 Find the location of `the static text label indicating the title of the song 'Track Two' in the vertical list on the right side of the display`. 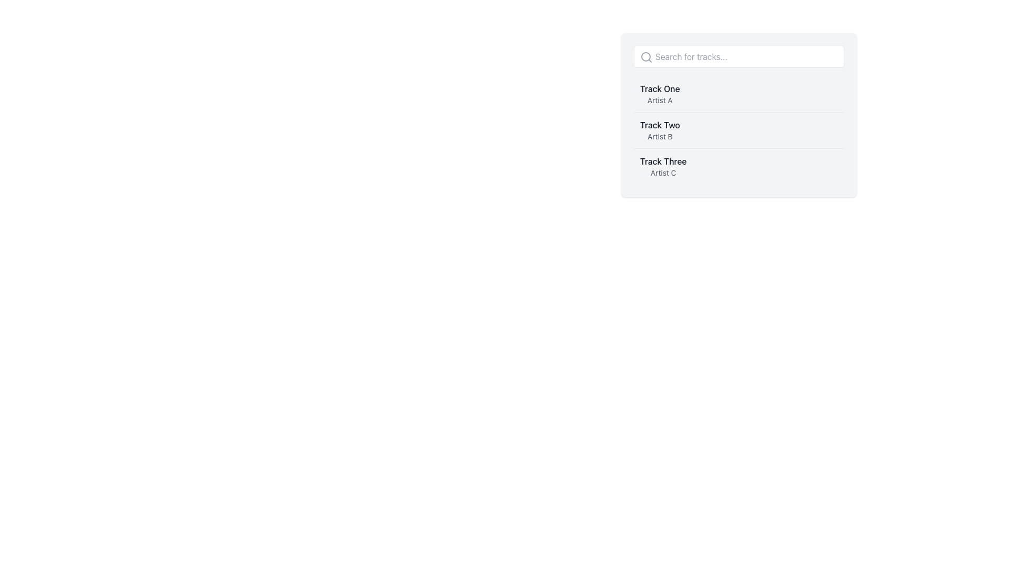

the static text label indicating the title of the song 'Track Two' in the vertical list on the right side of the display is located at coordinates (659, 125).